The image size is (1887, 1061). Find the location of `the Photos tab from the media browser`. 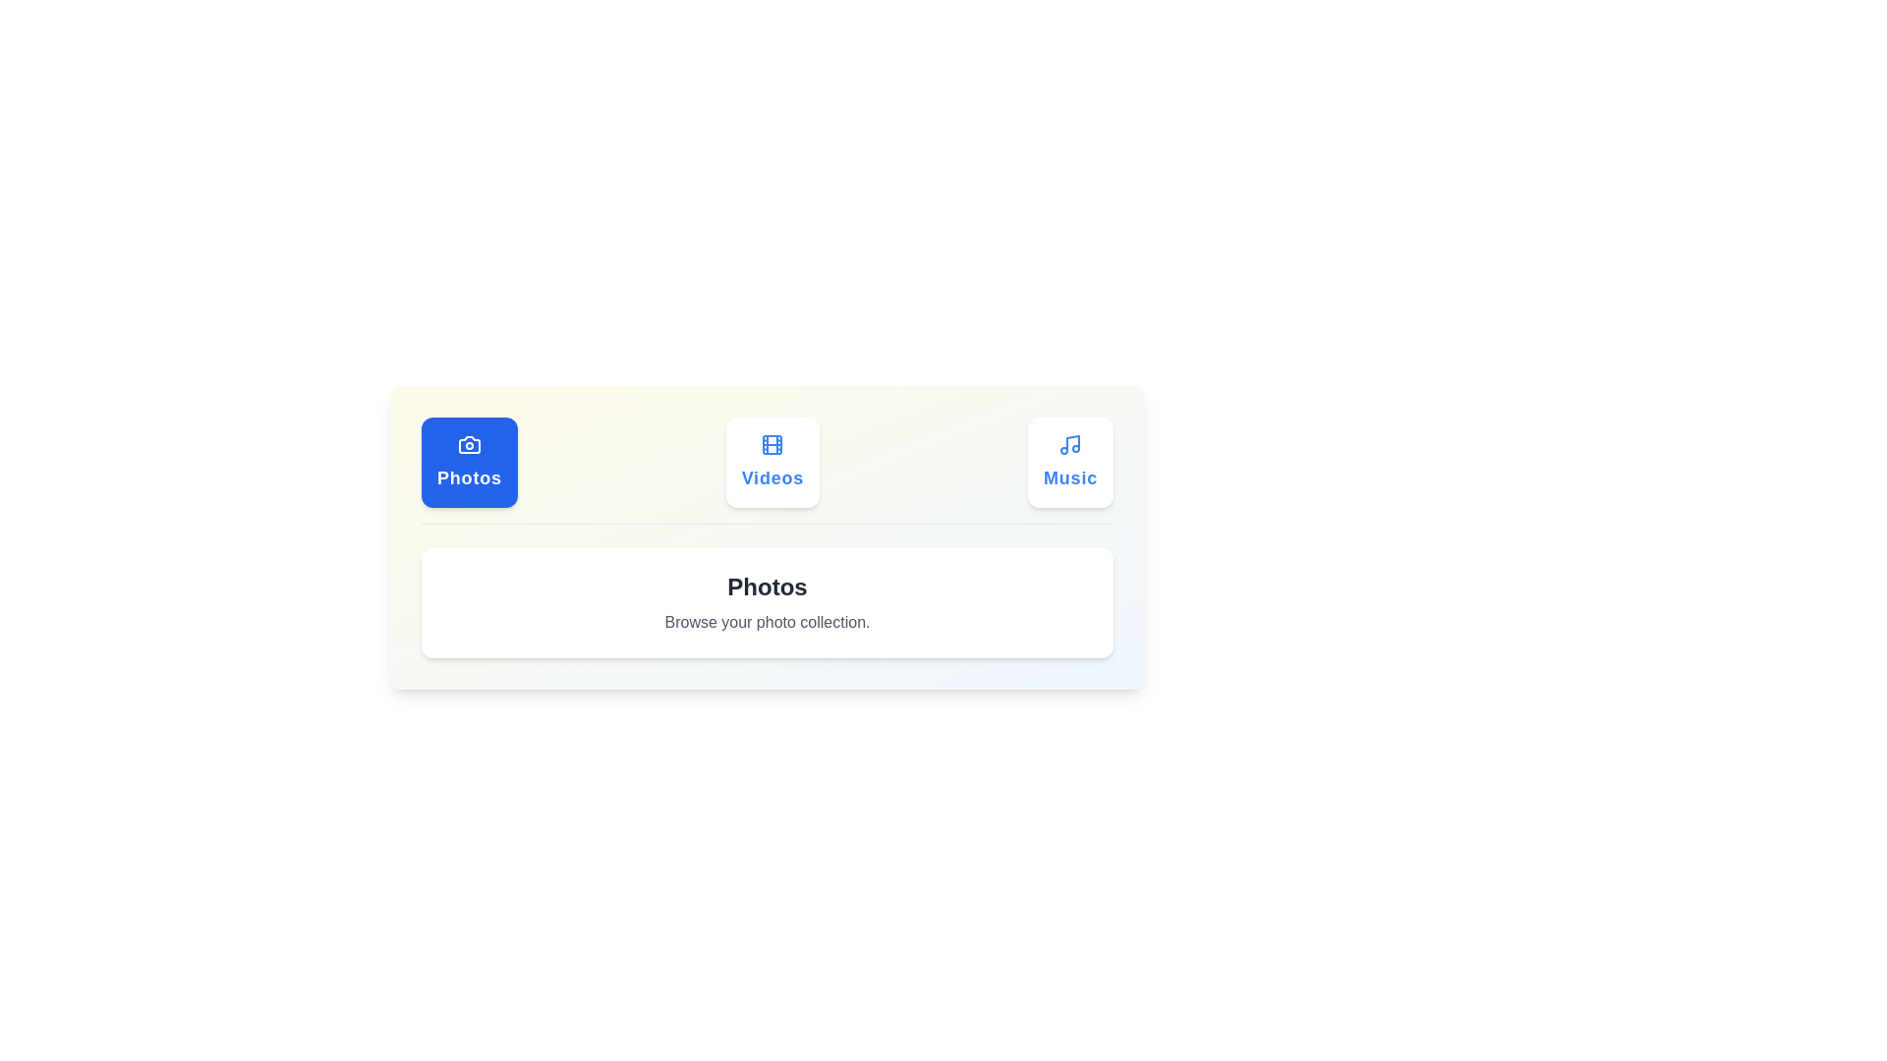

the Photos tab from the media browser is located at coordinates (468, 462).